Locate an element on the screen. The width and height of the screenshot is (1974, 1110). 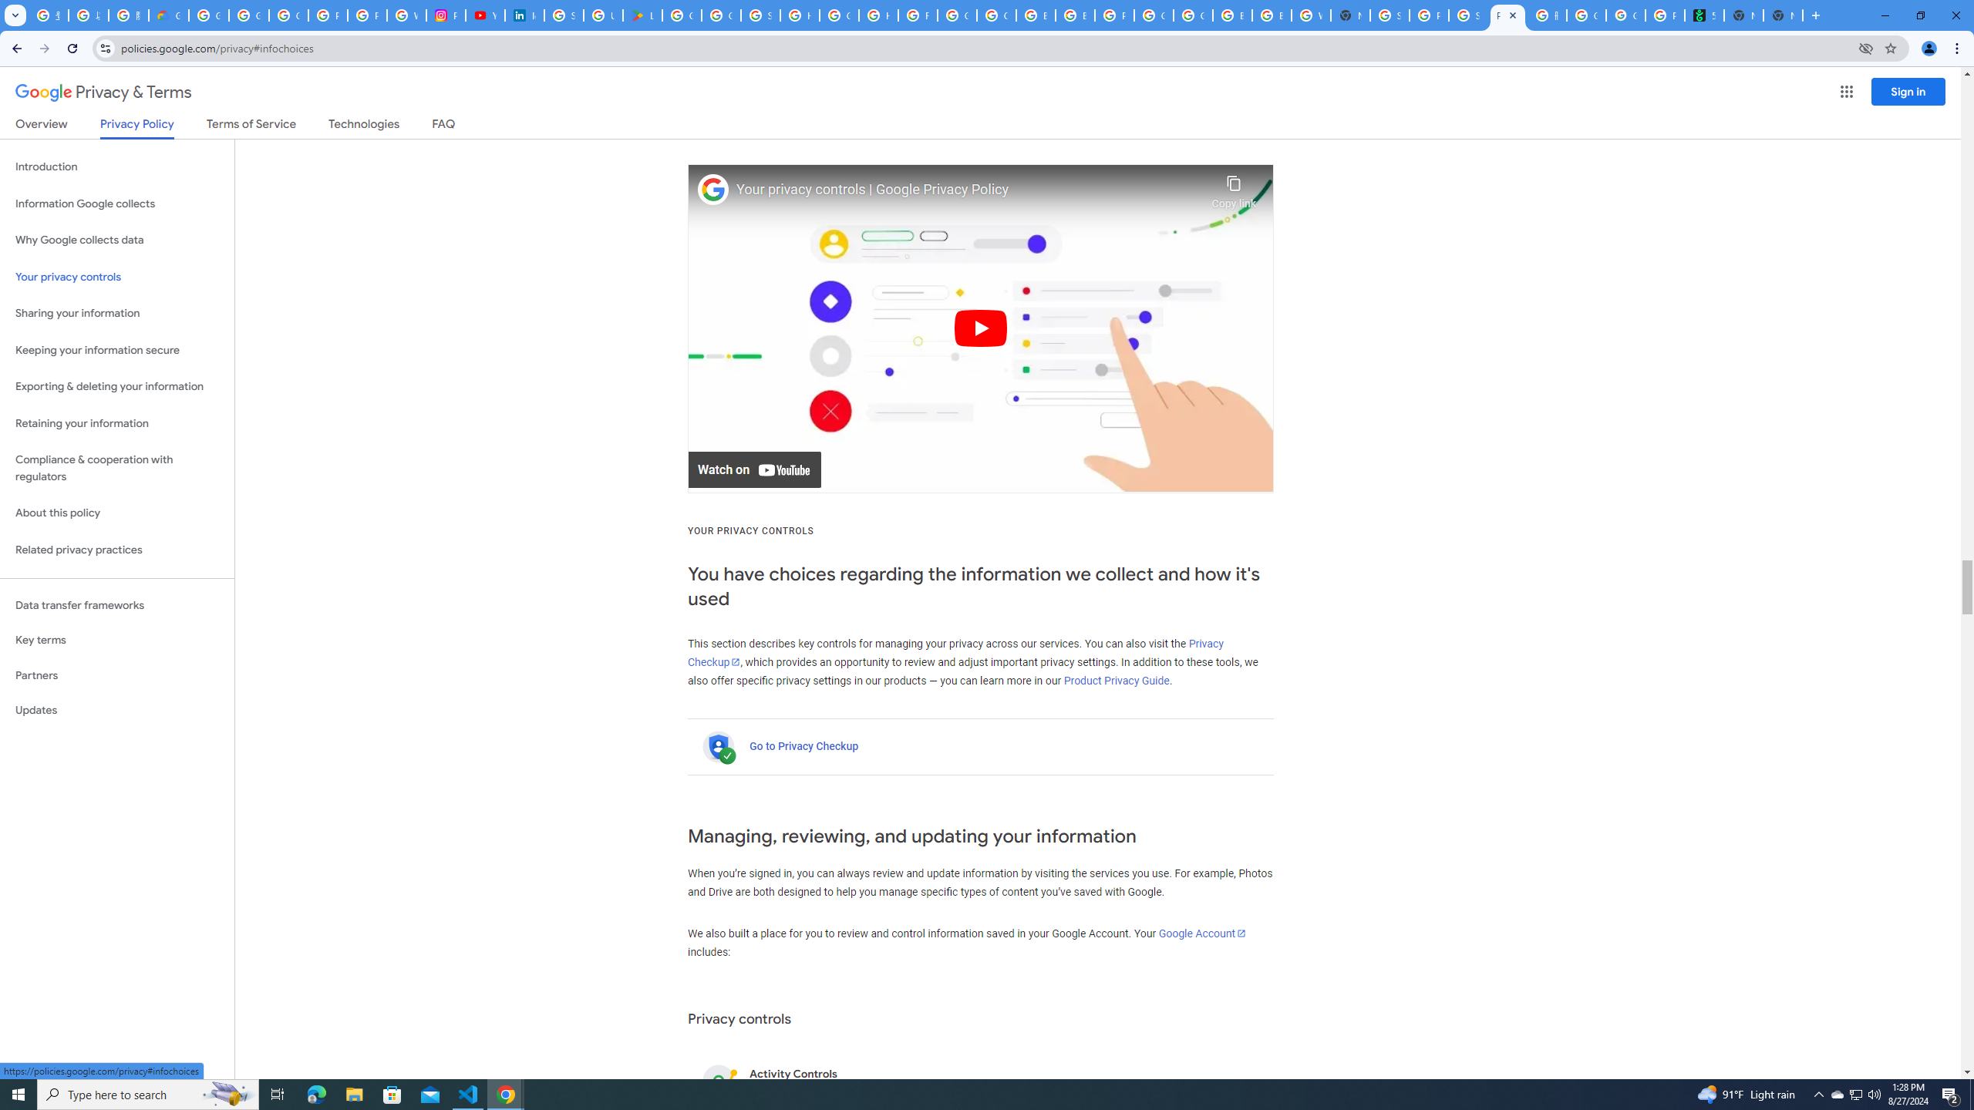
'YouTube Culture & Trends - On The Rise: Handcam Videos' is located at coordinates (483, 15).